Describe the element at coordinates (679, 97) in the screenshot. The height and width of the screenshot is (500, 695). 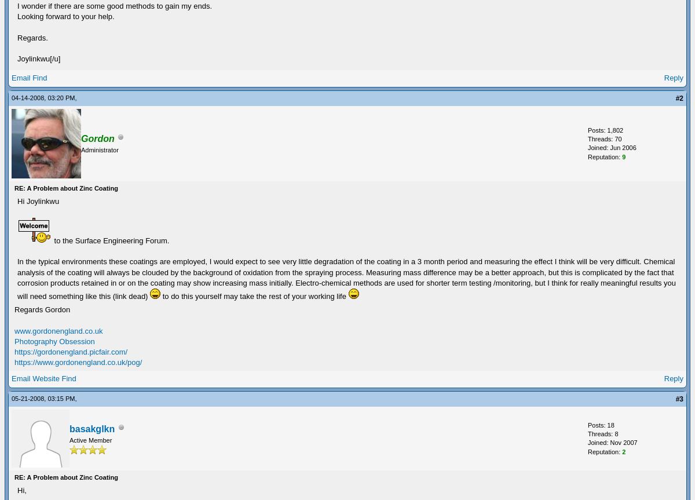
I see `'#2'` at that location.